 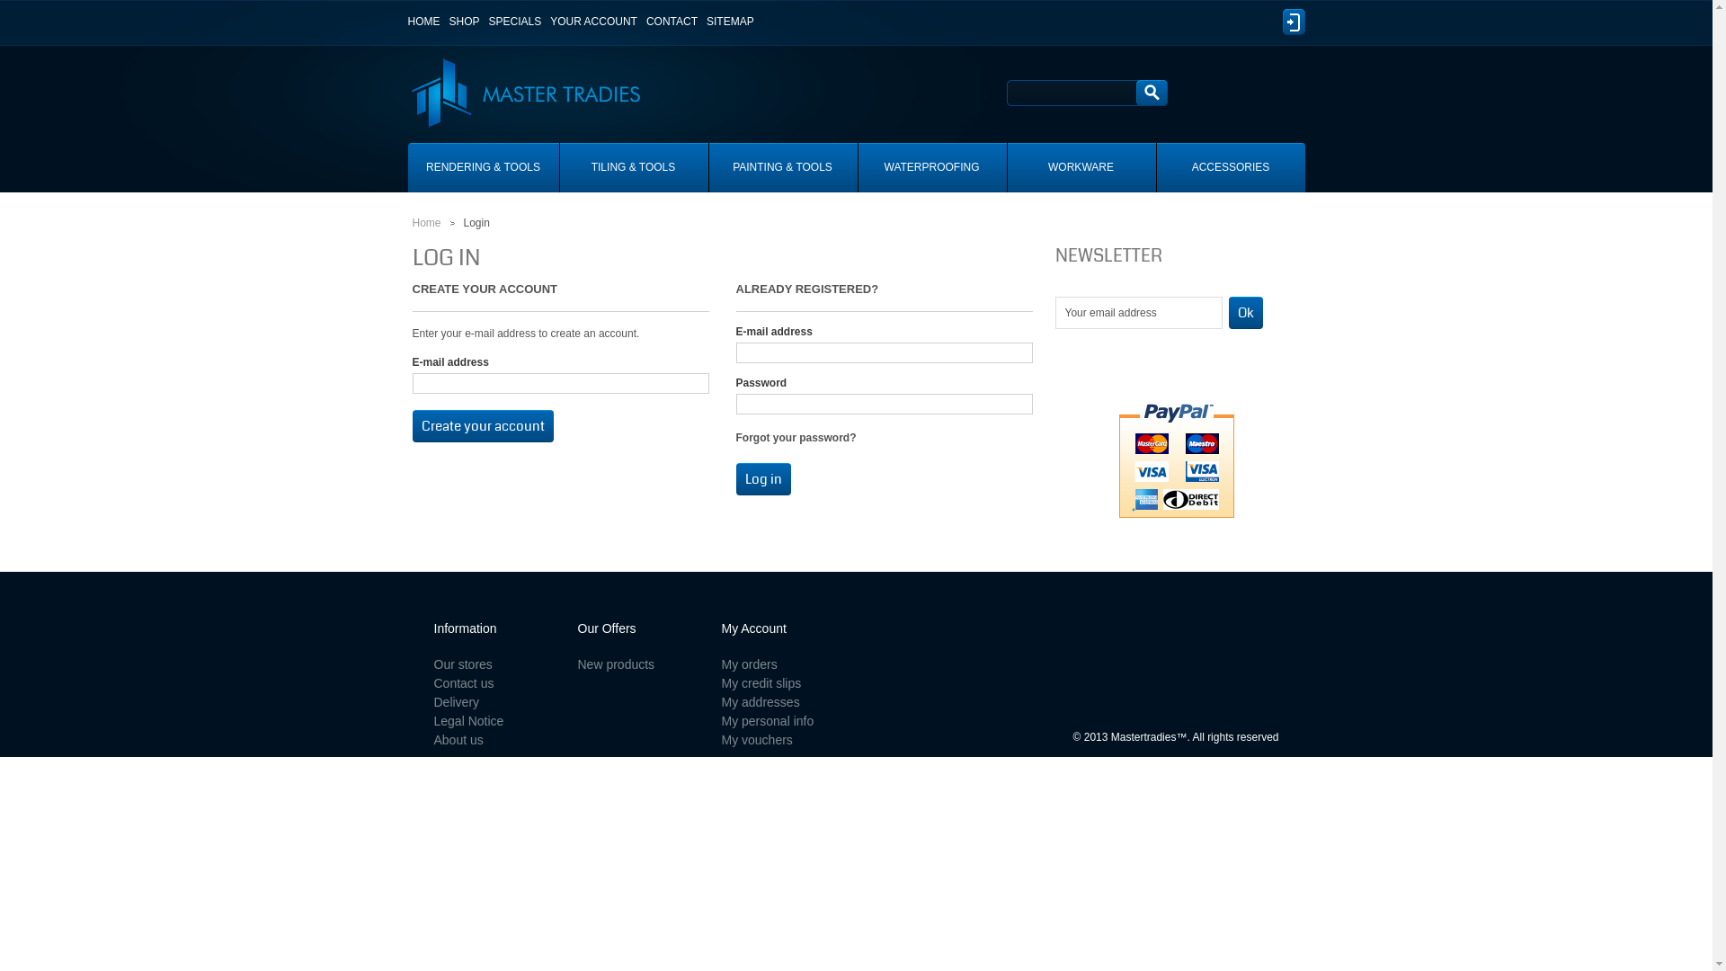 I want to click on 'Home', so click(x=425, y=221).